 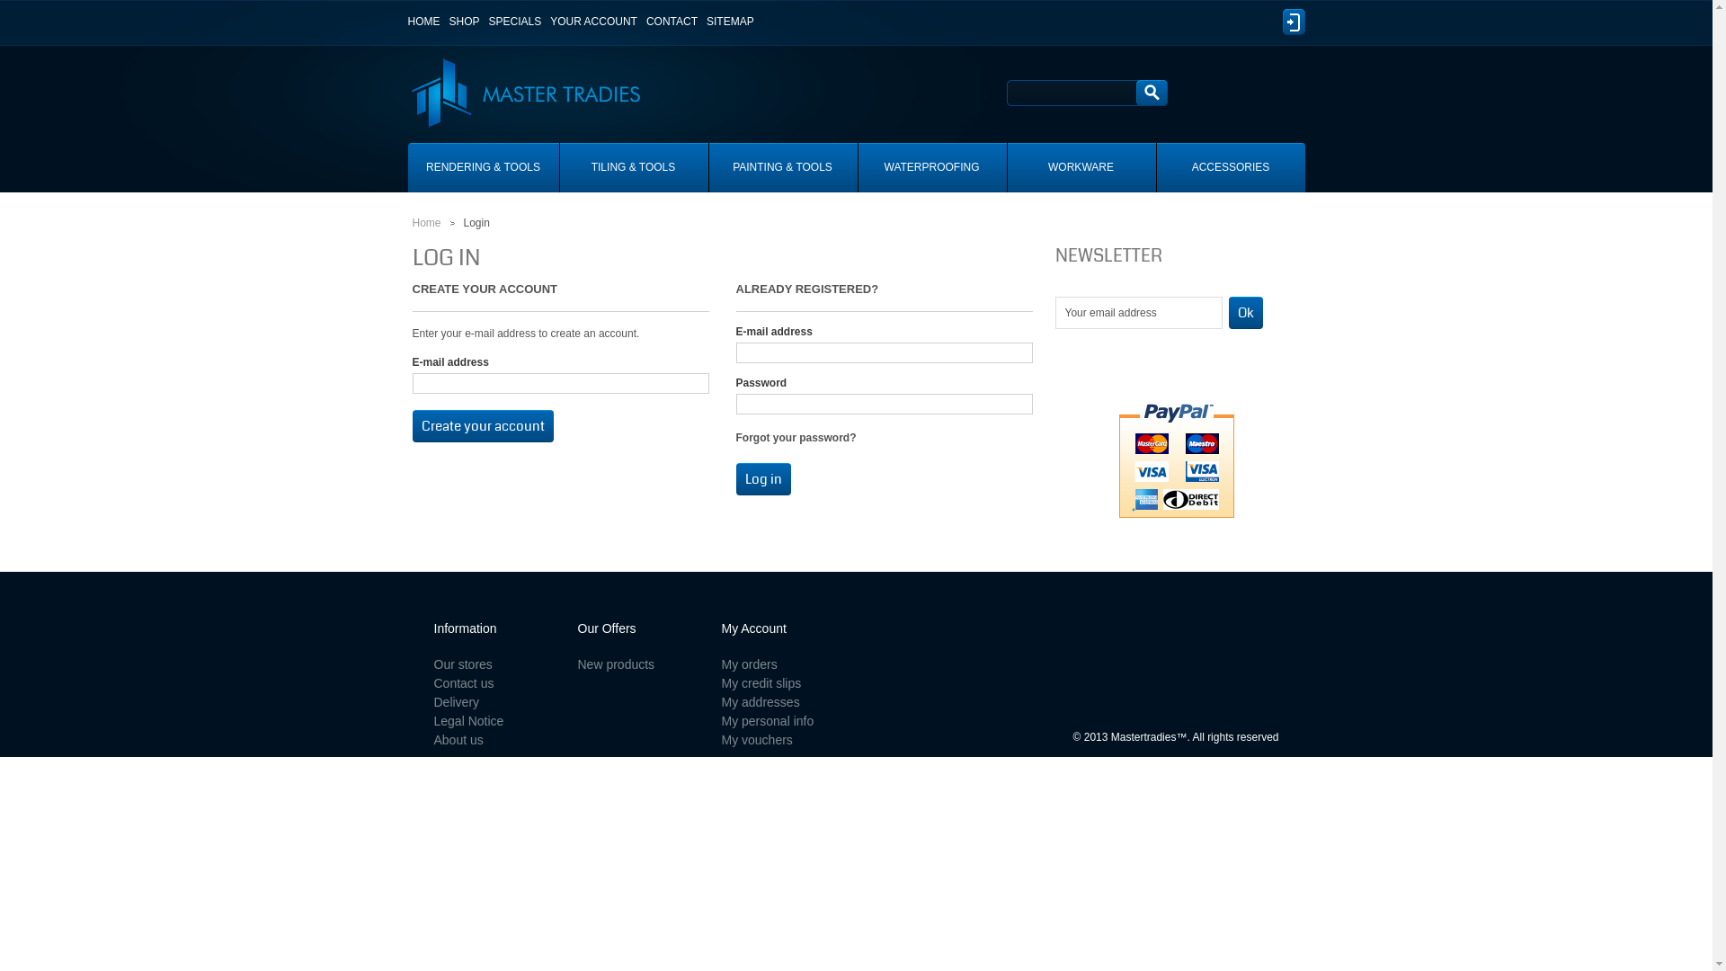 I want to click on 'Home', so click(x=425, y=221).